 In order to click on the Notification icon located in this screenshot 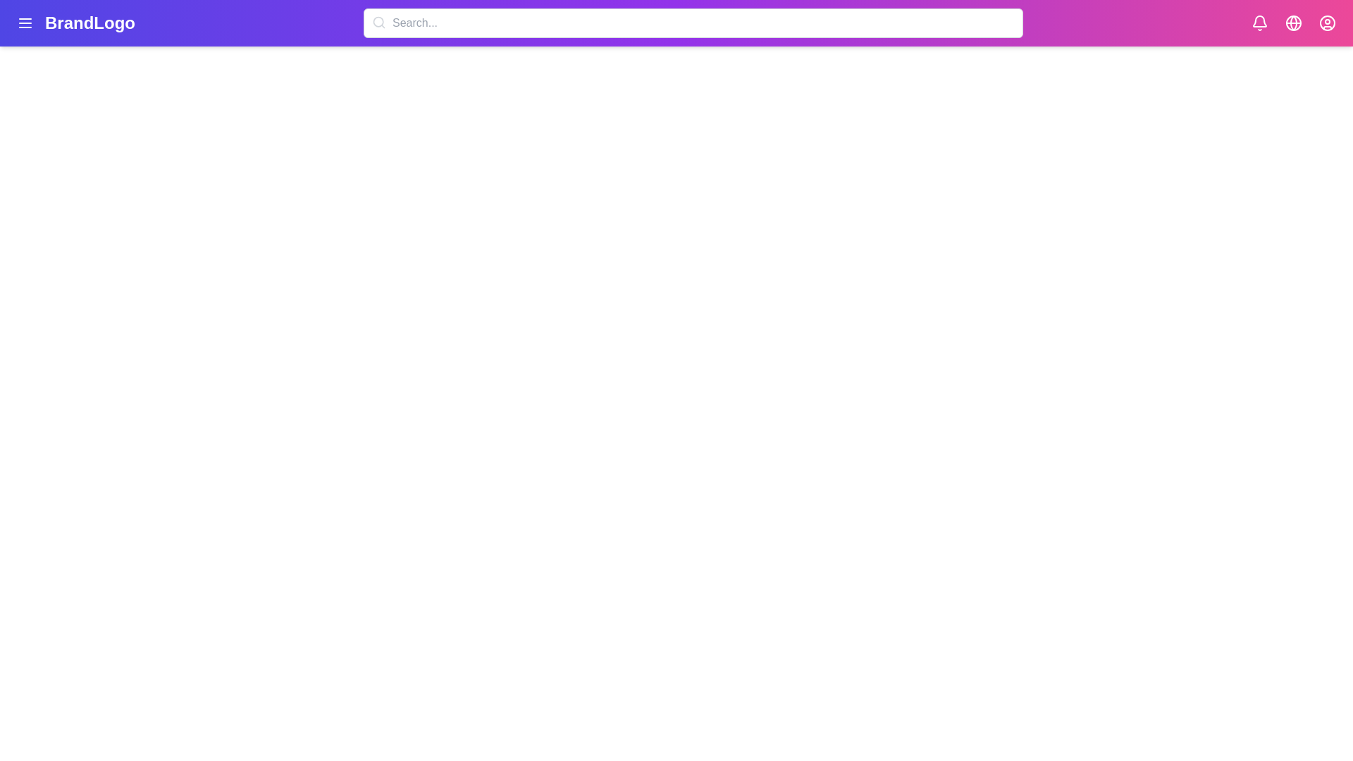, I will do `click(1259, 21)`.